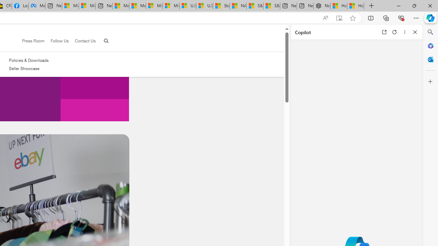 This screenshot has height=246, width=438. Describe the element at coordinates (356, 6) in the screenshot. I see `'How to Use a Monitor With Your Closed Laptop'` at that location.